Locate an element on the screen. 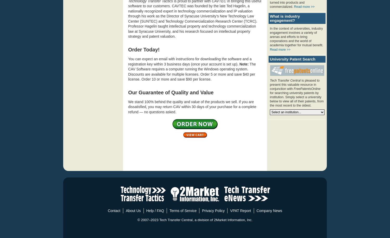 This screenshot has width=390, height=238. 'Note:' is located at coordinates (239, 64).